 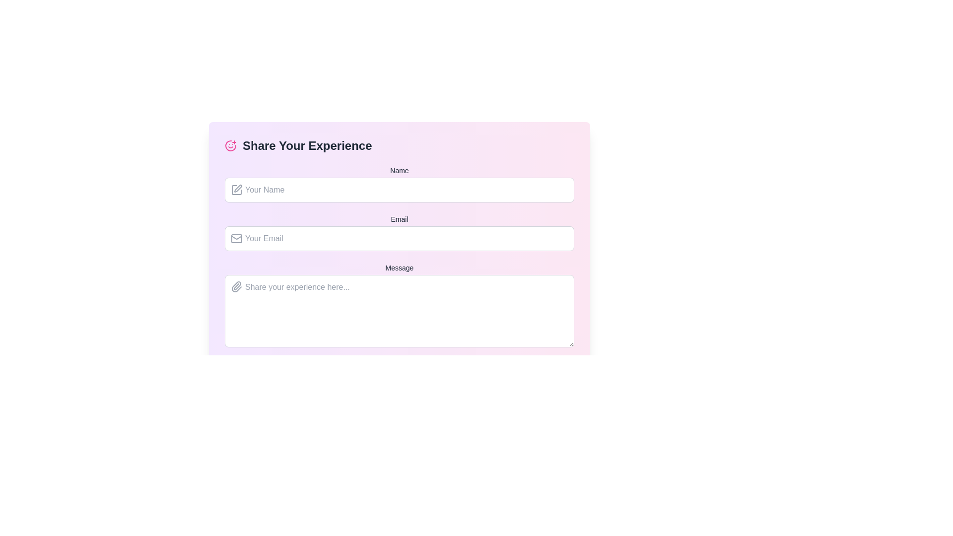 I want to click on the 'Email' label, which is a bold dark gray text located above the email input field in the user feedback submission section, so click(x=400, y=219).